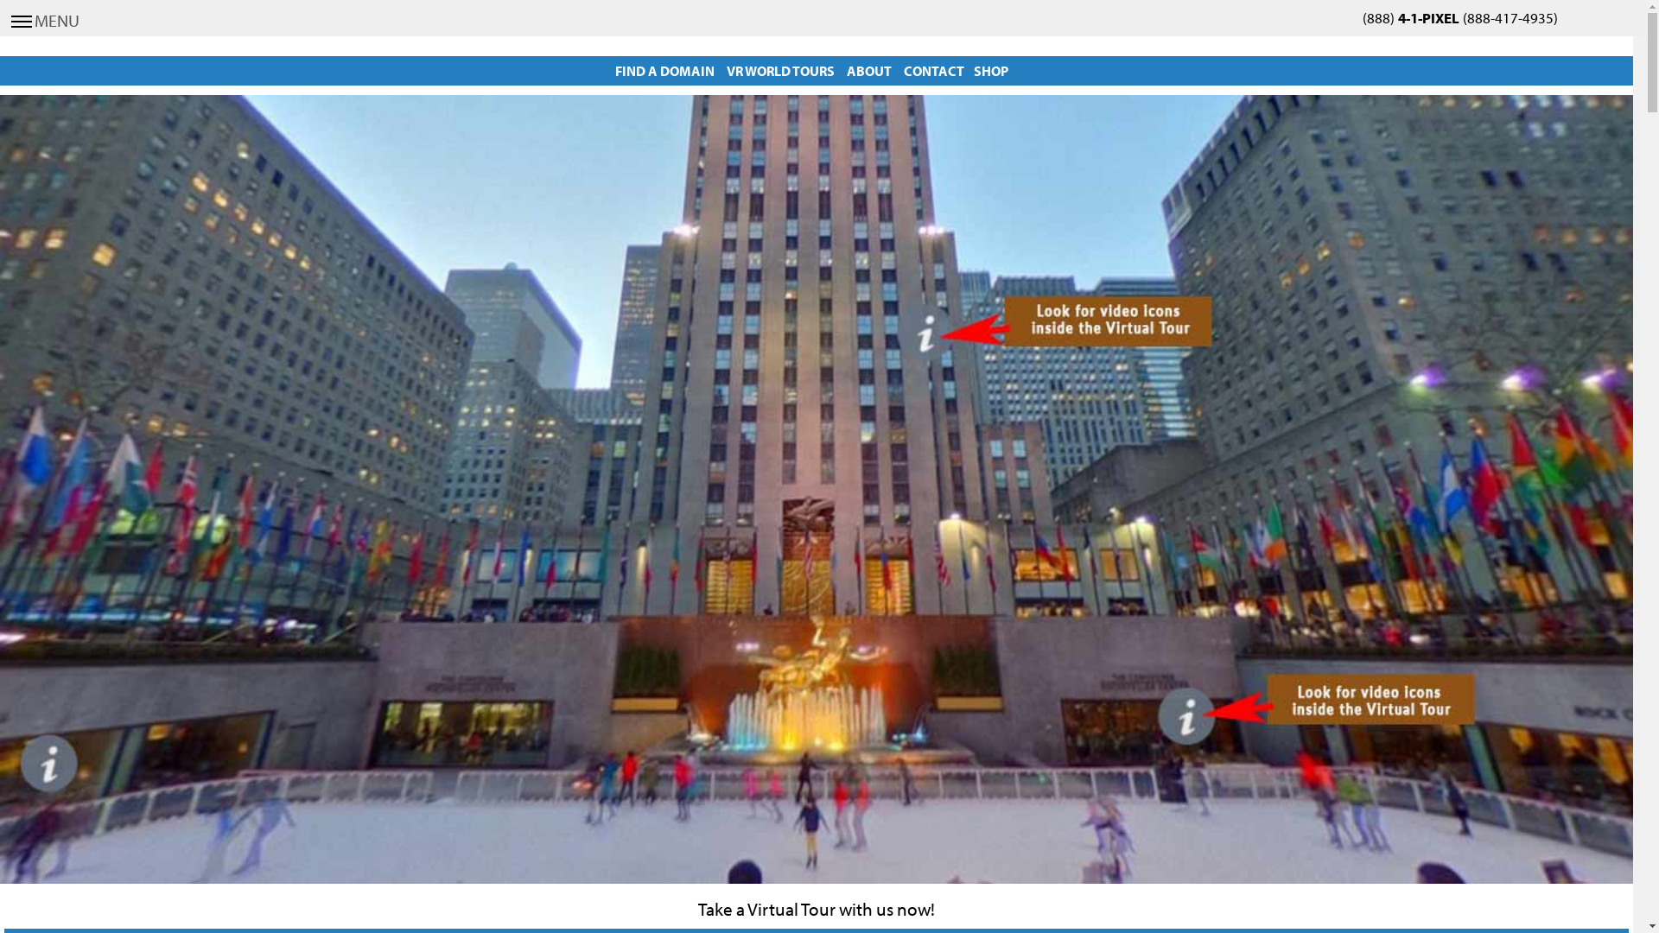 The image size is (1659, 933). What do you see at coordinates (991, 69) in the screenshot?
I see `'SHOP'` at bounding box center [991, 69].